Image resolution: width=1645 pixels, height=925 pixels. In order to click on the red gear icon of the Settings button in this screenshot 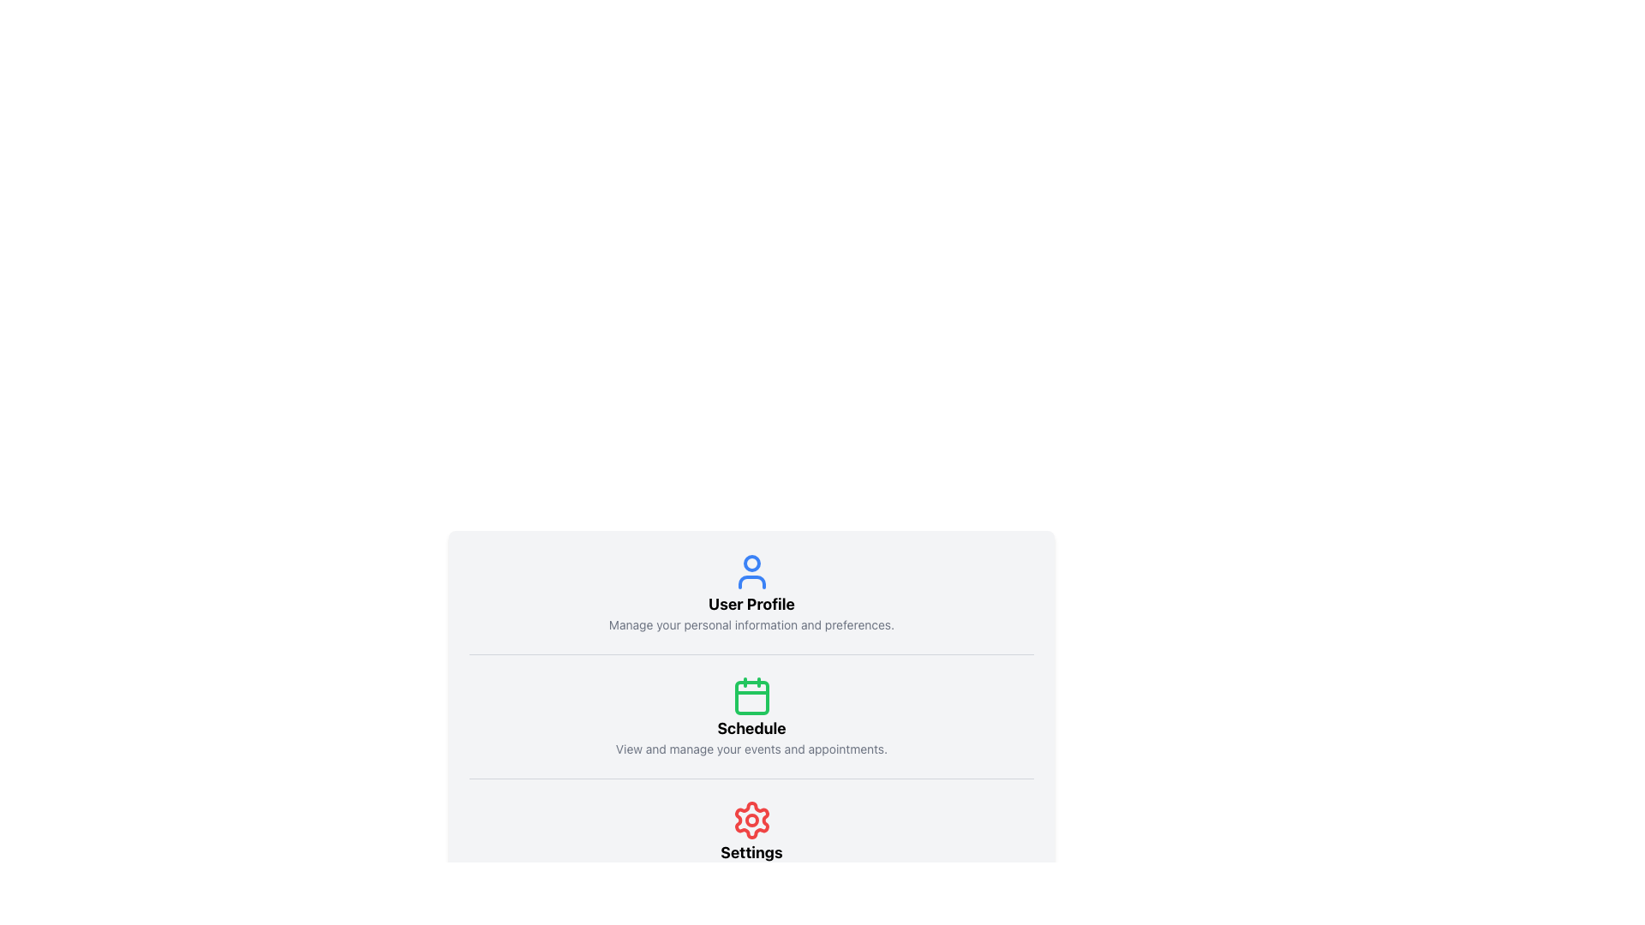, I will do `click(751, 840)`.